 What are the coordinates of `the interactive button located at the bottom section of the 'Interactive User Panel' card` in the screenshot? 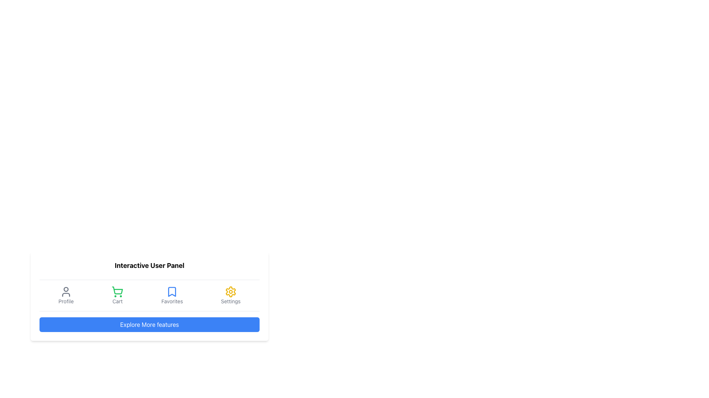 It's located at (149, 321).